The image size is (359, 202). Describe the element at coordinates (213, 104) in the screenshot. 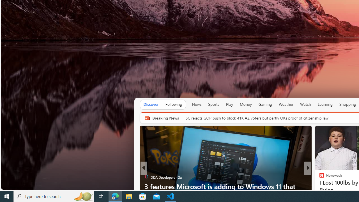

I see `'Sports'` at that location.